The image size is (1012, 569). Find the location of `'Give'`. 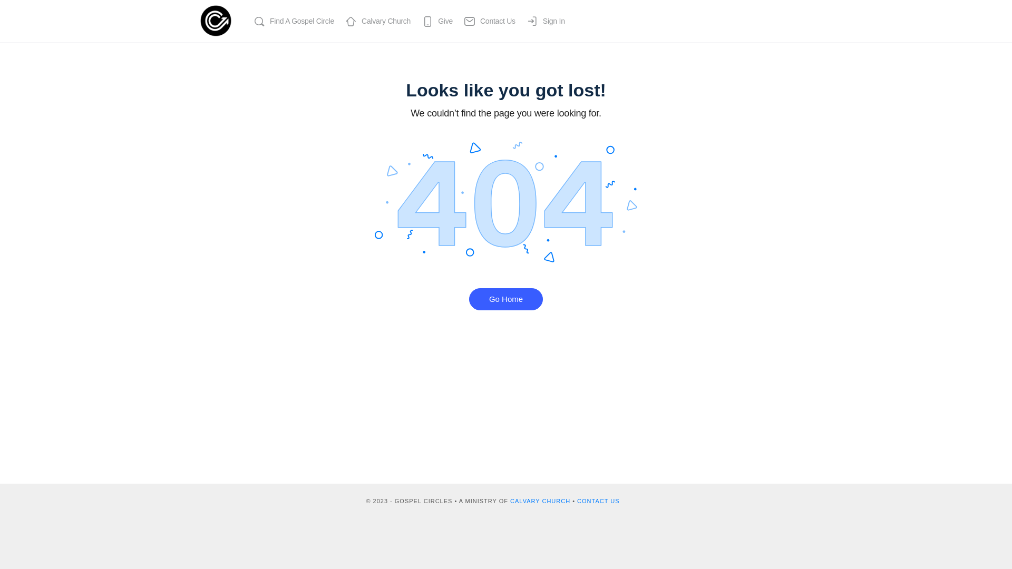

'Give' is located at coordinates (437, 21).